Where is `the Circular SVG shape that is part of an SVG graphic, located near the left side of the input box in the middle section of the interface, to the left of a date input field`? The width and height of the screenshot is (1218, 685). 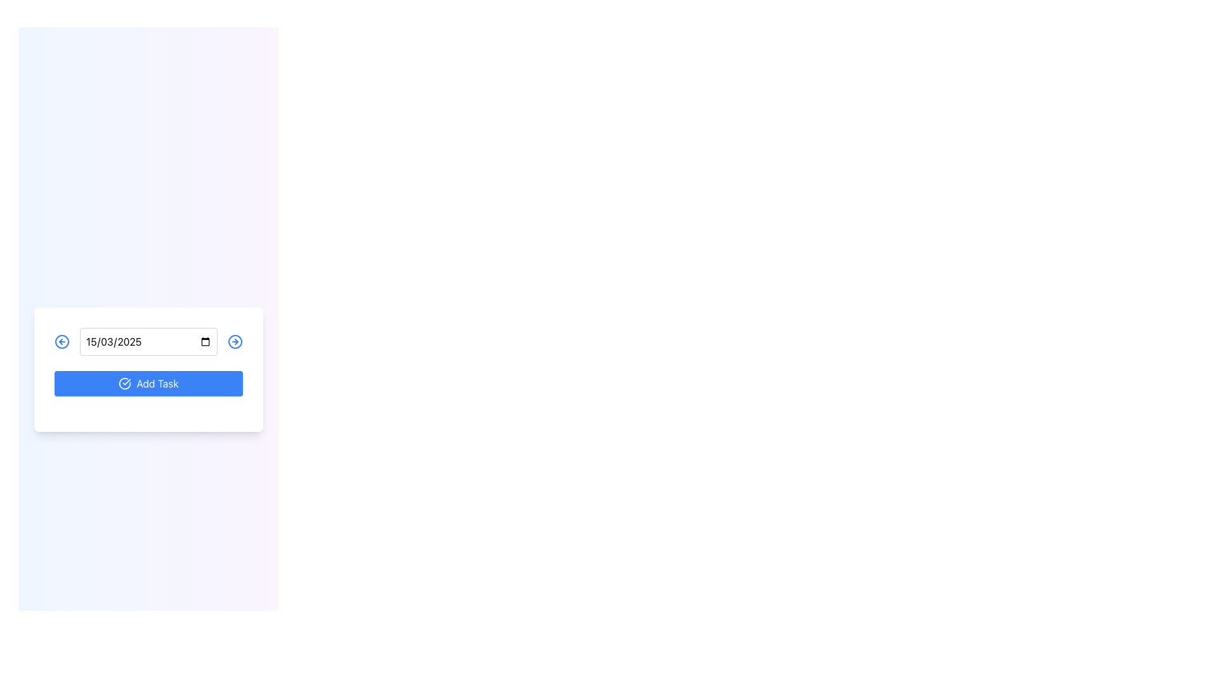 the Circular SVG shape that is part of an SVG graphic, located near the left side of the input box in the middle section of the interface, to the left of a date input field is located at coordinates (61, 341).